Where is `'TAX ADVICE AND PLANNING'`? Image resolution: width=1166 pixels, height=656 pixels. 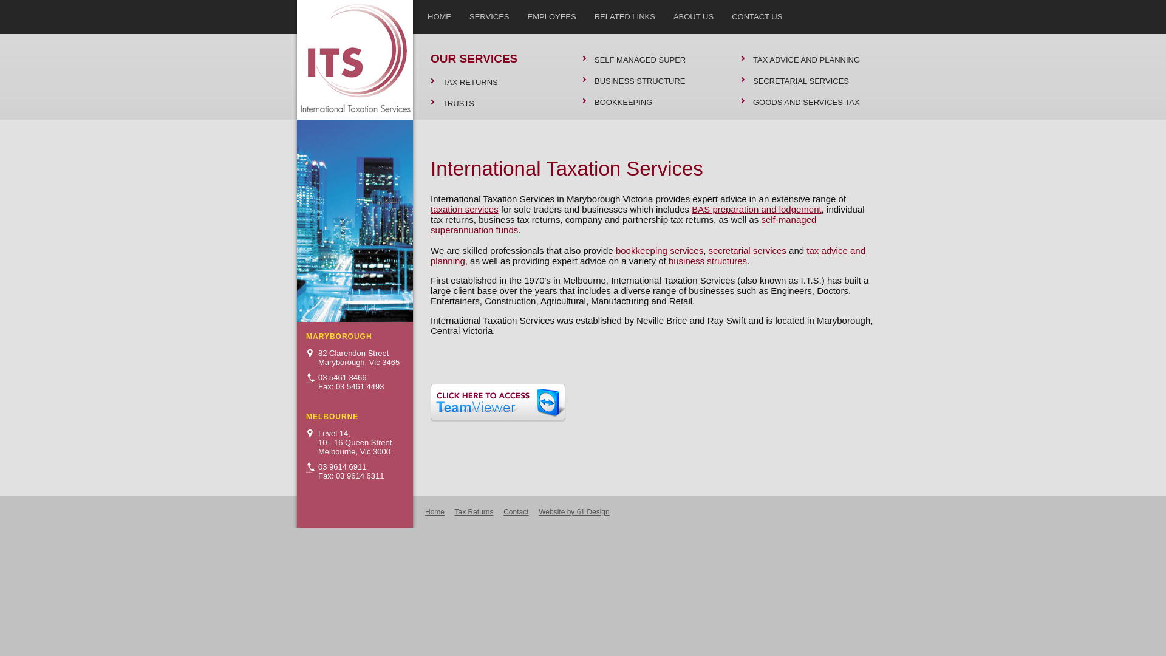 'TAX ADVICE AND PLANNING' is located at coordinates (740, 60).